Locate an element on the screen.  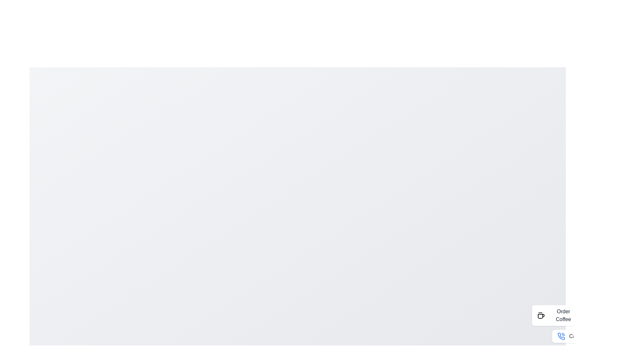
the background area to deselect or refocus is located at coordinates (162, 162).